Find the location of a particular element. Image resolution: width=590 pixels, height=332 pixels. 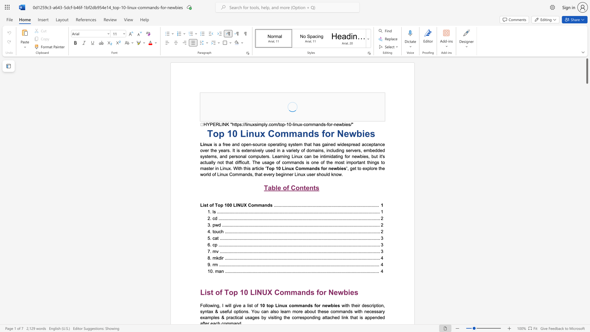

the scrollbar to scroll the page down is located at coordinates (587, 135).